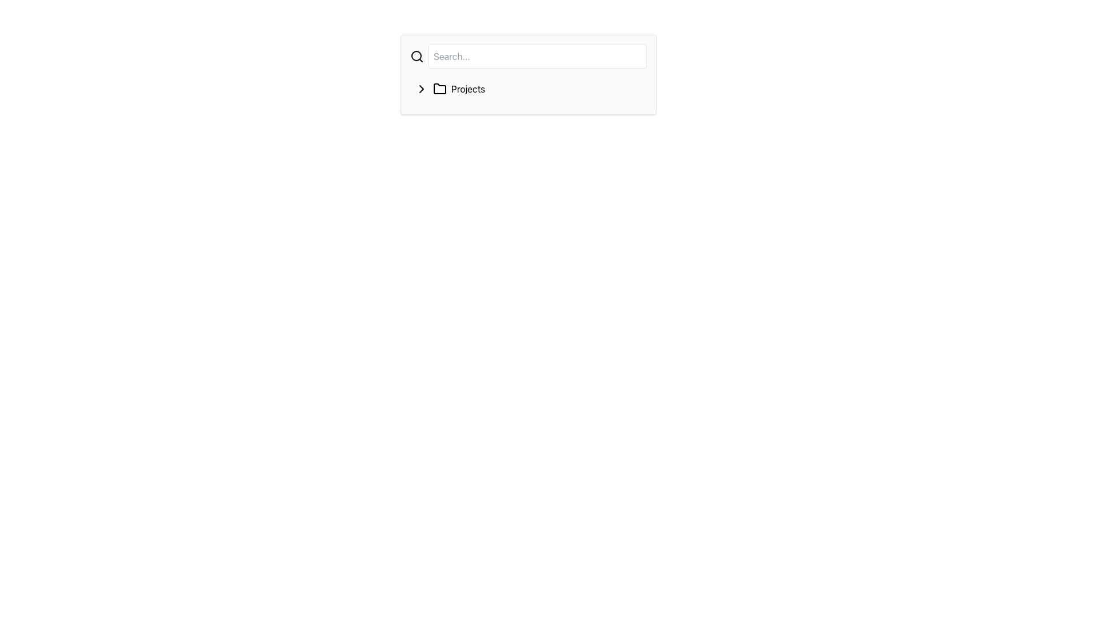 This screenshot has height=617, width=1097. Describe the element at coordinates (416, 57) in the screenshot. I see `the search icon that resembles a magnifying glass, located immediately to the left of the 'Search...' input field` at that location.